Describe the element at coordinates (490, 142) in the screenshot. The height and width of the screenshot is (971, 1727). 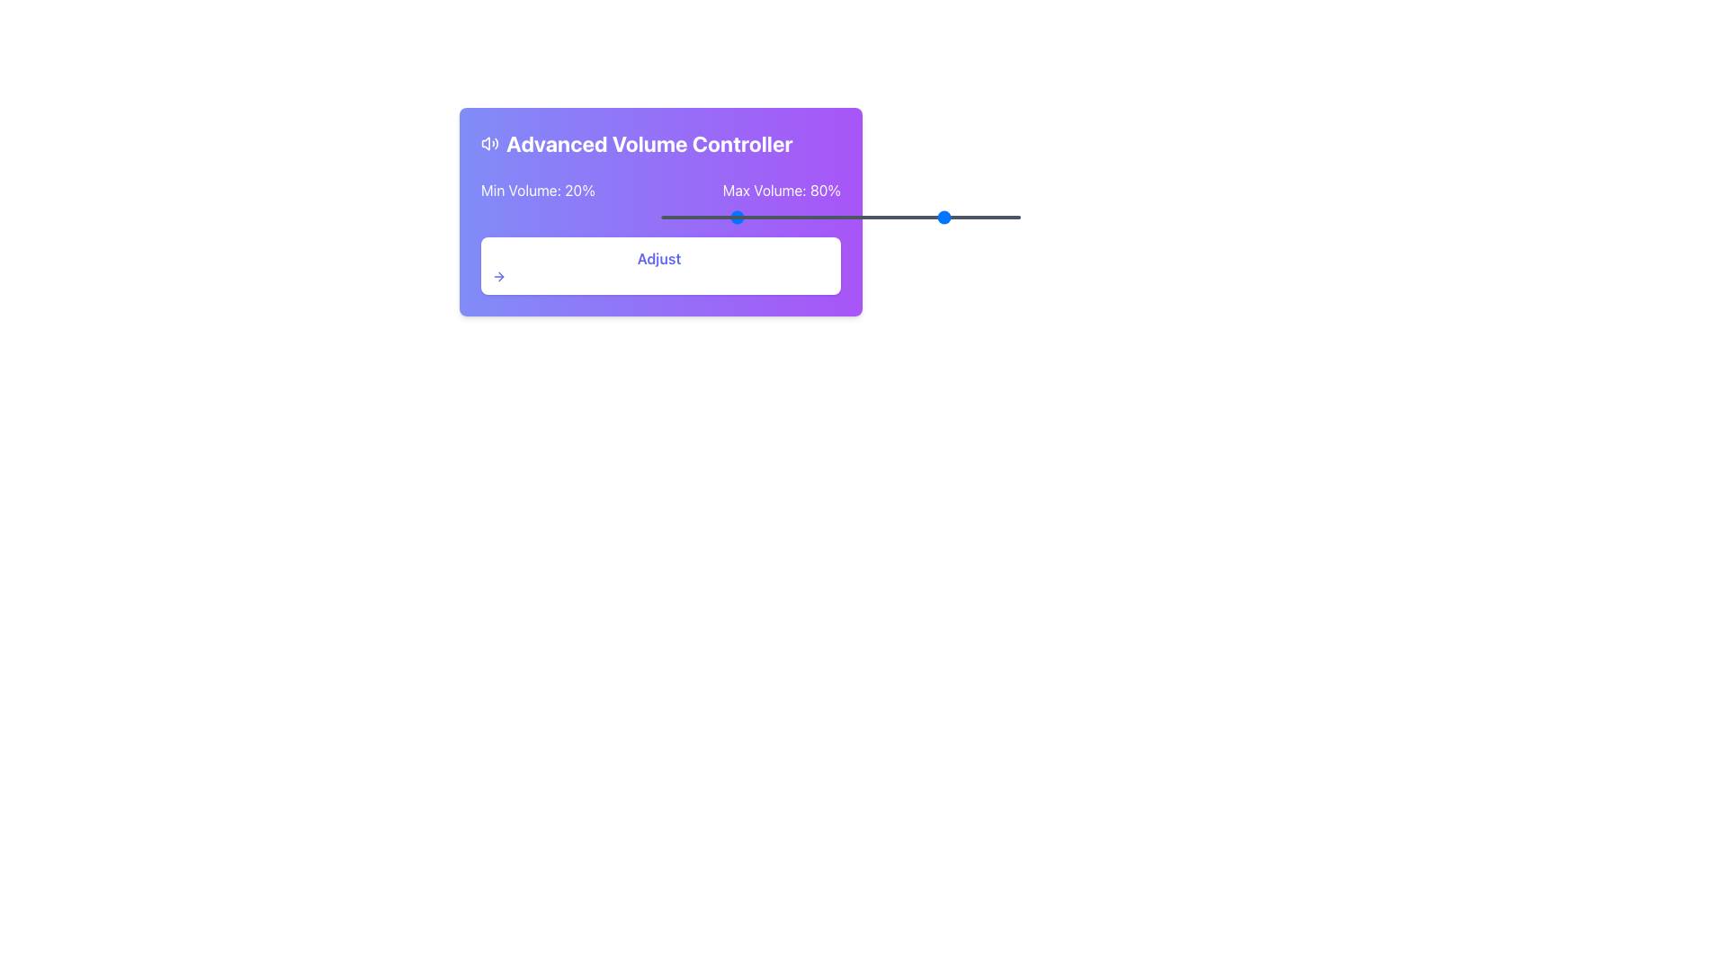
I see `the decorative audio icon located at the leftmost side of the 'Advanced Volume Controller' header` at that location.